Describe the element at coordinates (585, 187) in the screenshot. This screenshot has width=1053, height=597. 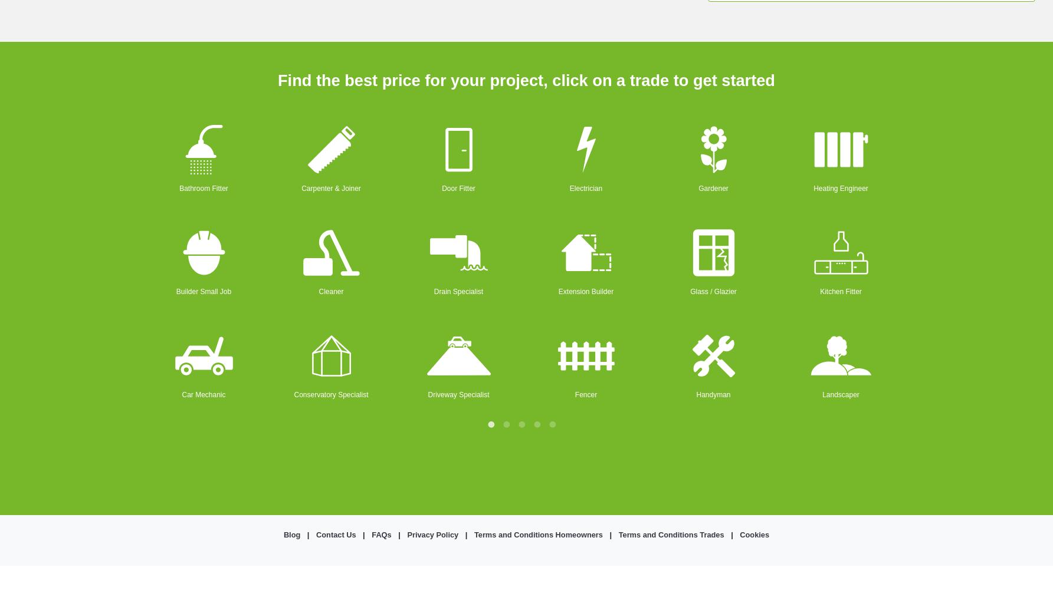
I see `'Electrician'` at that location.